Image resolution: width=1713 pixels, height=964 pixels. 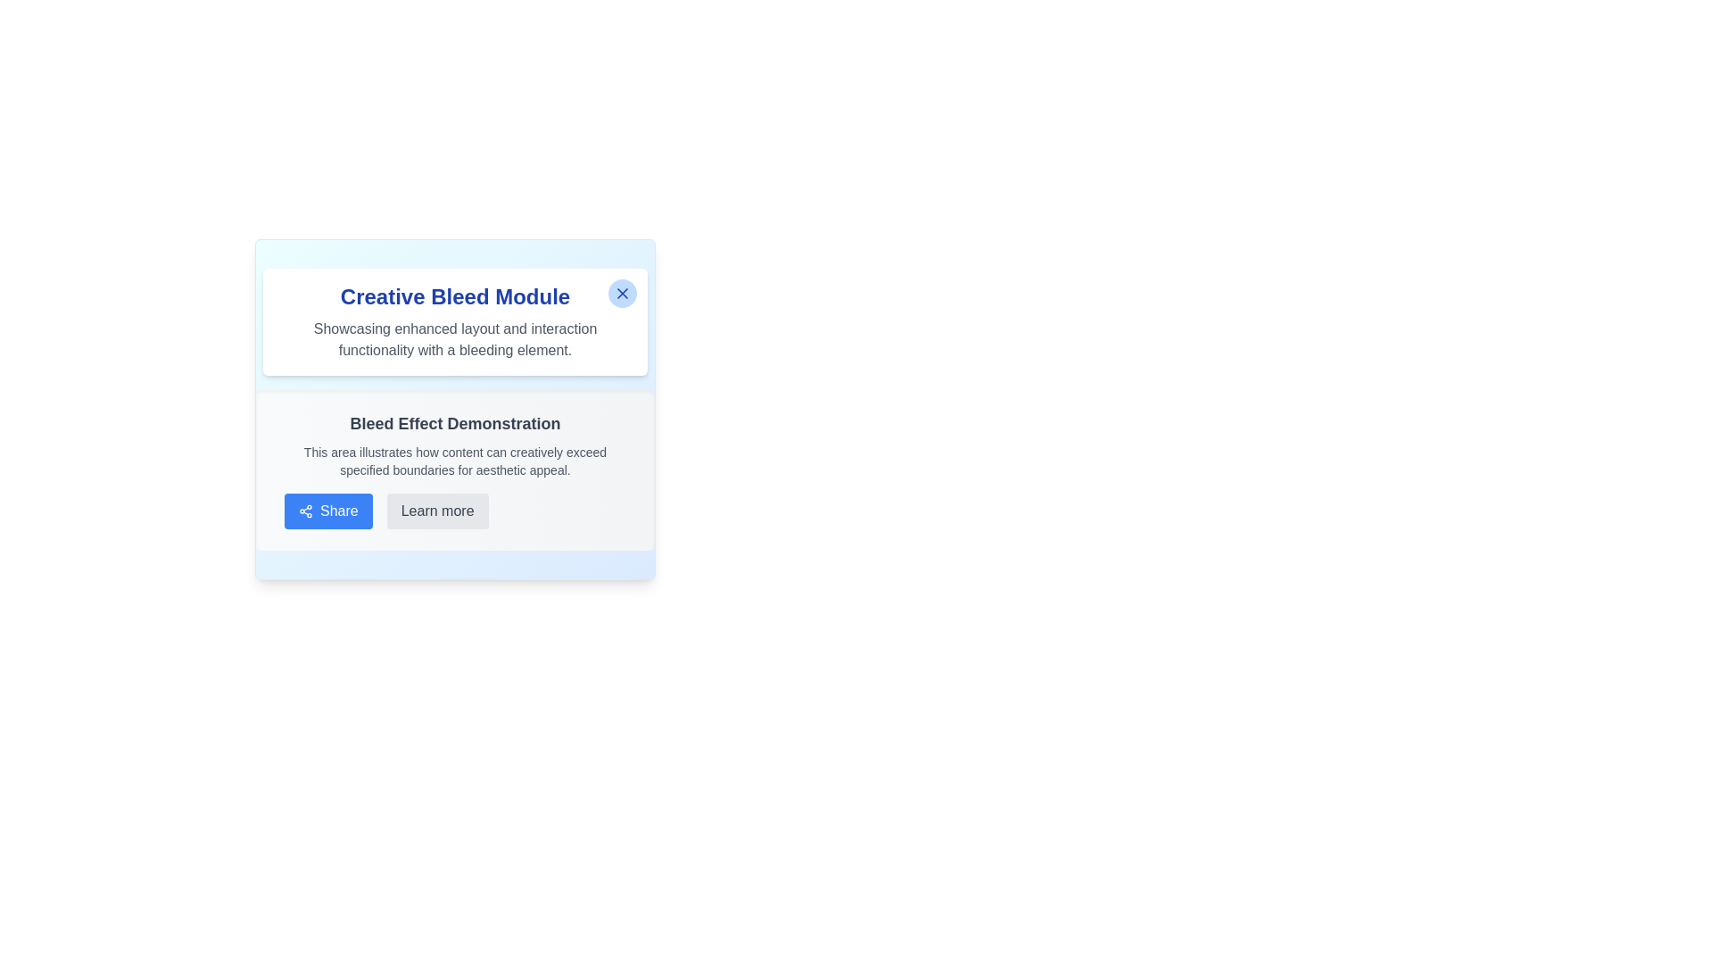 What do you see at coordinates (455, 423) in the screenshot?
I see `the bold, large-font grayish text displaying 'Bleed Effect Demonstration', which is centrally aligned in its module and located at the top above other elements` at bounding box center [455, 423].